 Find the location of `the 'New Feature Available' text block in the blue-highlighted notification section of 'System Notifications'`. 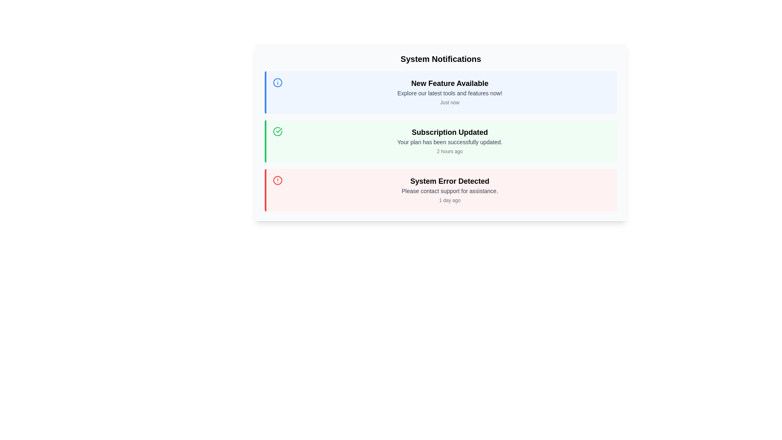

the 'New Feature Available' text block in the blue-highlighted notification section of 'System Notifications' is located at coordinates (449, 92).